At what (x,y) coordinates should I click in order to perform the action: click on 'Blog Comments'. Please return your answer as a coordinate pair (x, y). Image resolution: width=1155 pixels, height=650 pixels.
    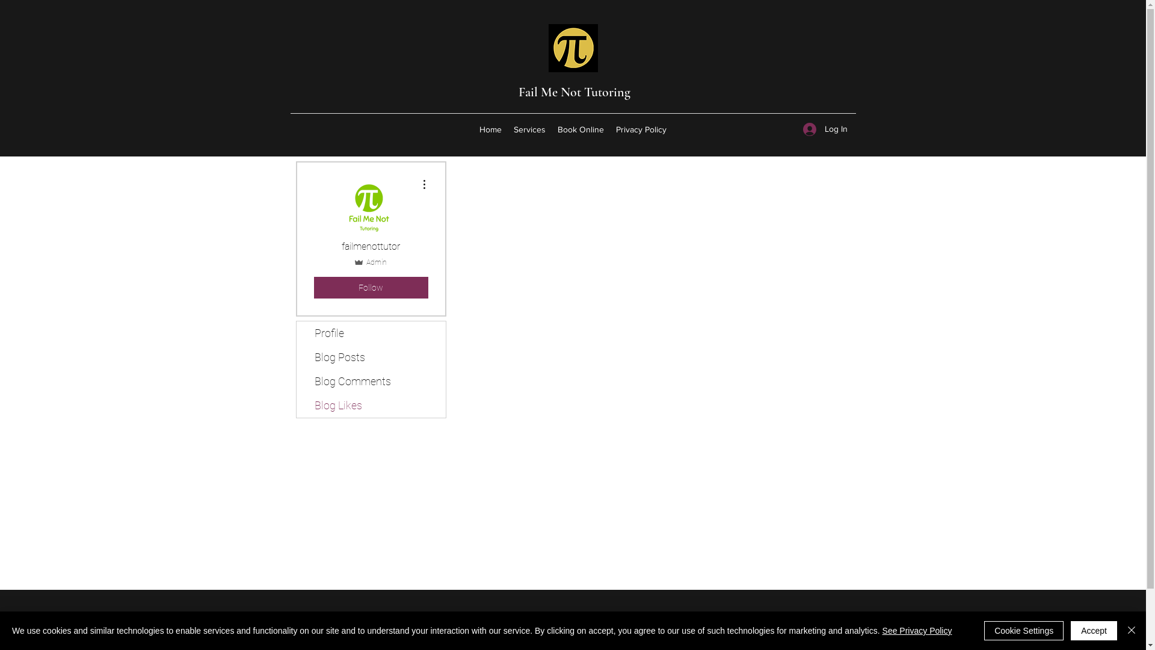
    Looking at the image, I should click on (369, 381).